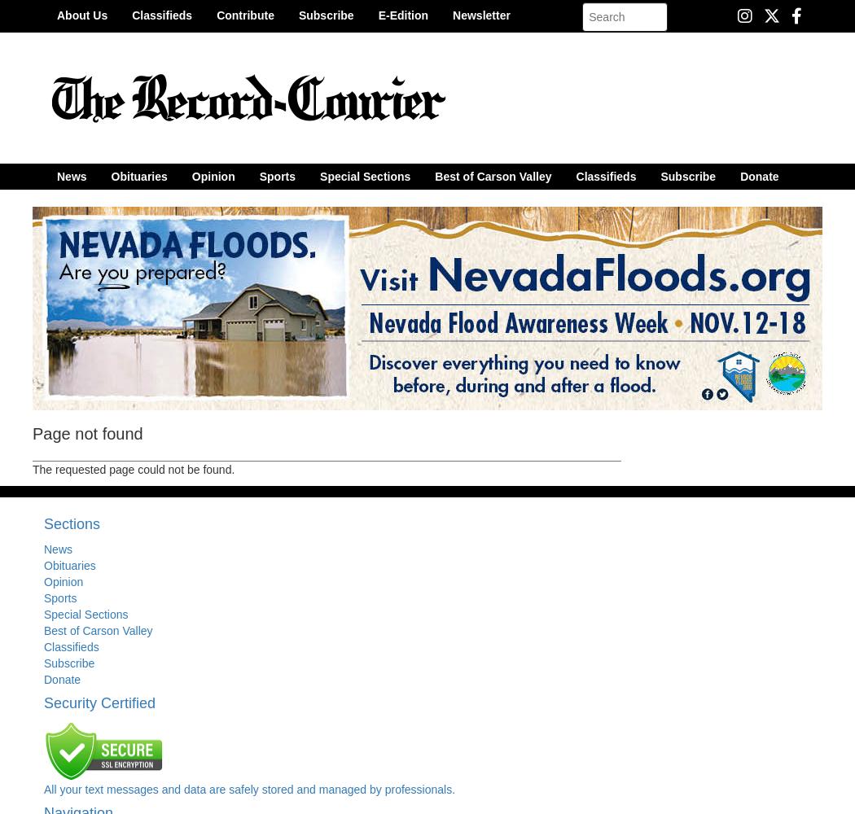 This screenshot has width=855, height=814. What do you see at coordinates (42, 702) in the screenshot?
I see `'Security Certified'` at bounding box center [42, 702].